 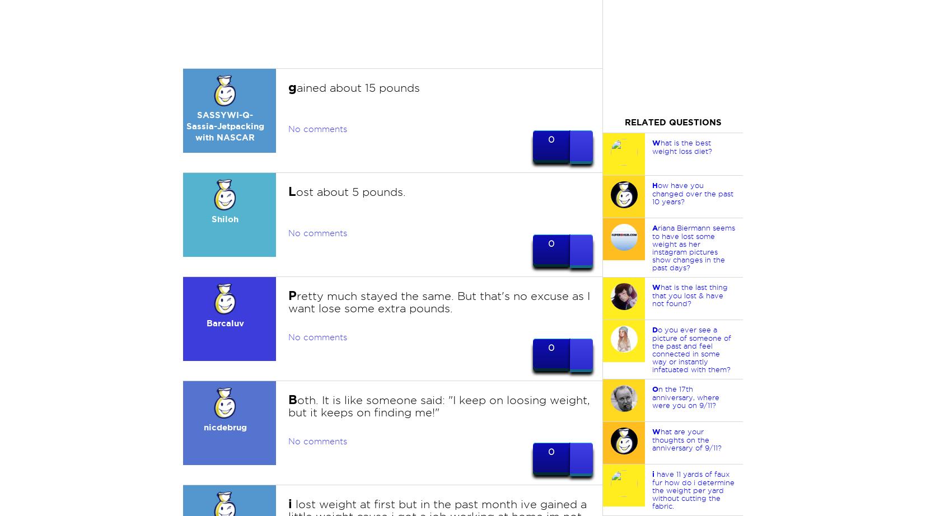 What do you see at coordinates (292, 190) in the screenshot?
I see `'L'` at bounding box center [292, 190].